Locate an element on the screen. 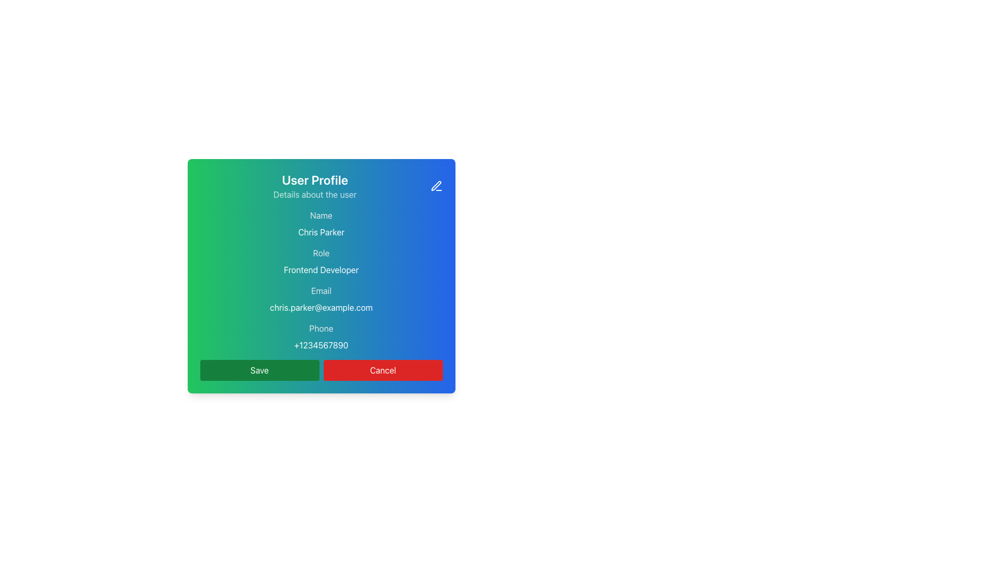 The width and height of the screenshot is (1004, 565). the text label indicating the user's role 'Frontend Developer' which is located in the 'User Profile' section, positioned above the text 'Frontend Developer' and below the name 'Chris Parker' is located at coordinates (321, 253).